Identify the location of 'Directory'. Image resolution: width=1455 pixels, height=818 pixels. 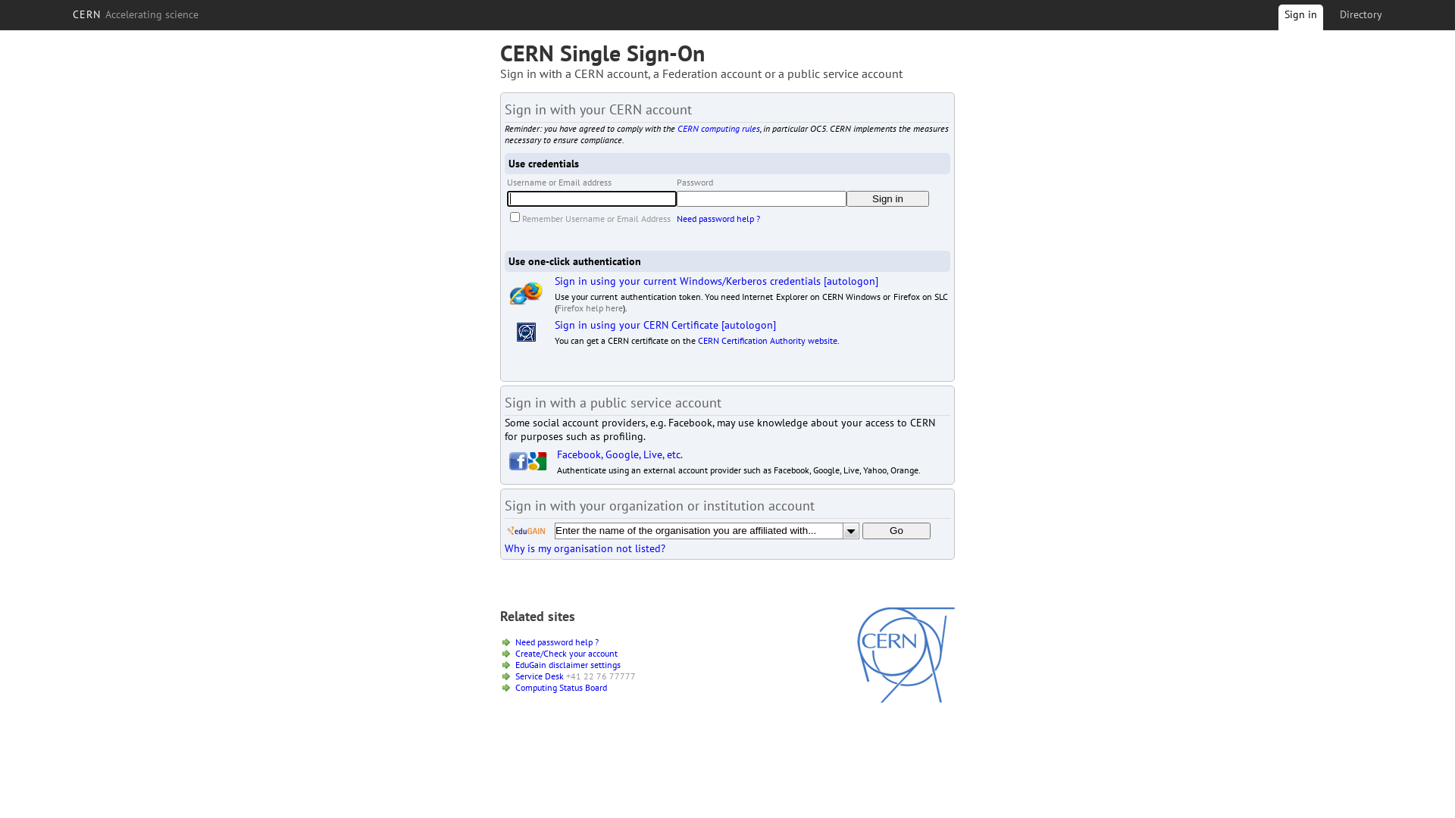
(1334, 14).